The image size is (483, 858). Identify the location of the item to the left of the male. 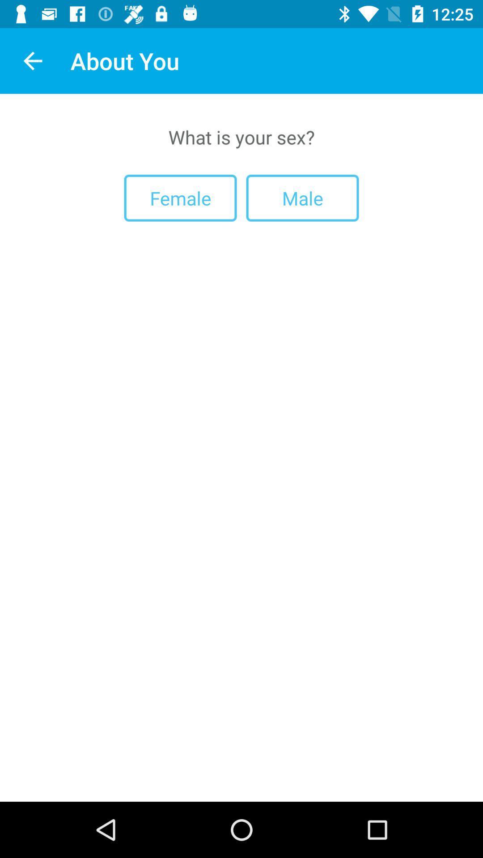
(180, 198).